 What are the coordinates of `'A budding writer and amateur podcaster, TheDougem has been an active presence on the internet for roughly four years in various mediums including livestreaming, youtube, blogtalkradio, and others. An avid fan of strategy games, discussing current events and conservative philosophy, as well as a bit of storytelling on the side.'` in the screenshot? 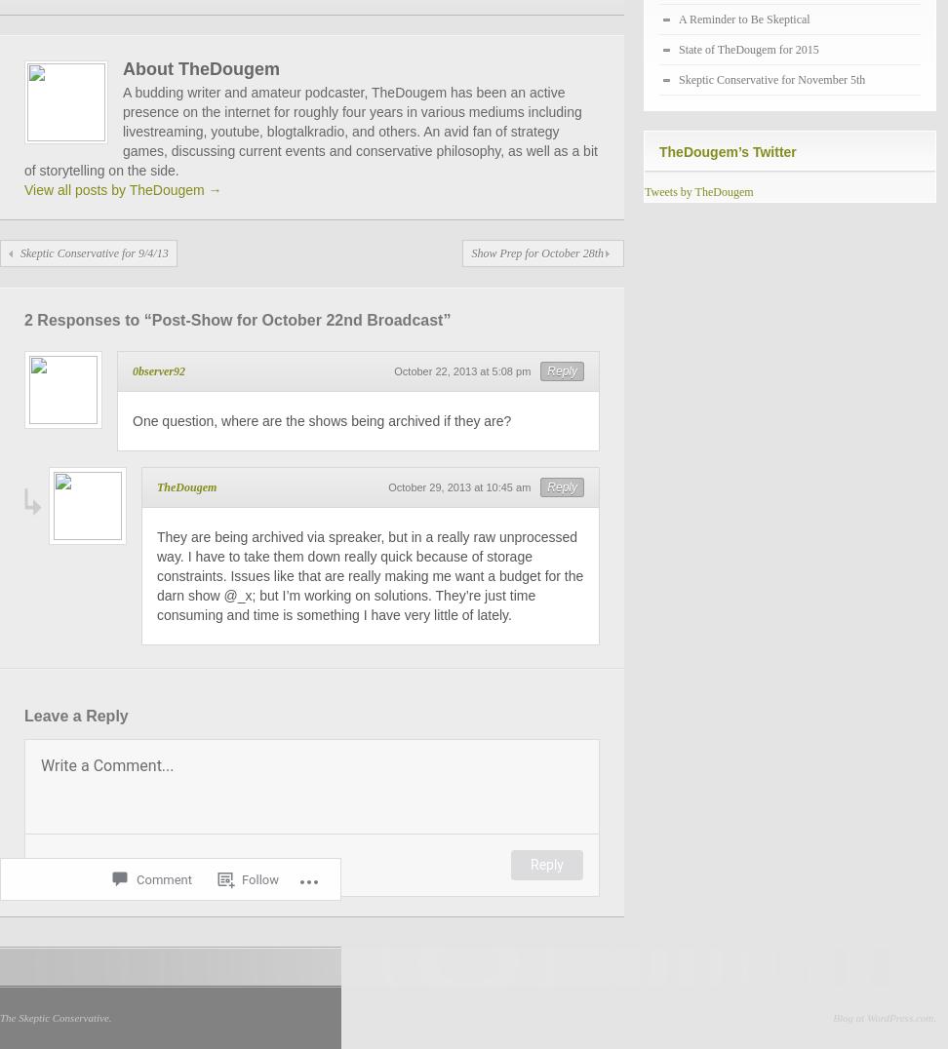 It's located at (309, 131).